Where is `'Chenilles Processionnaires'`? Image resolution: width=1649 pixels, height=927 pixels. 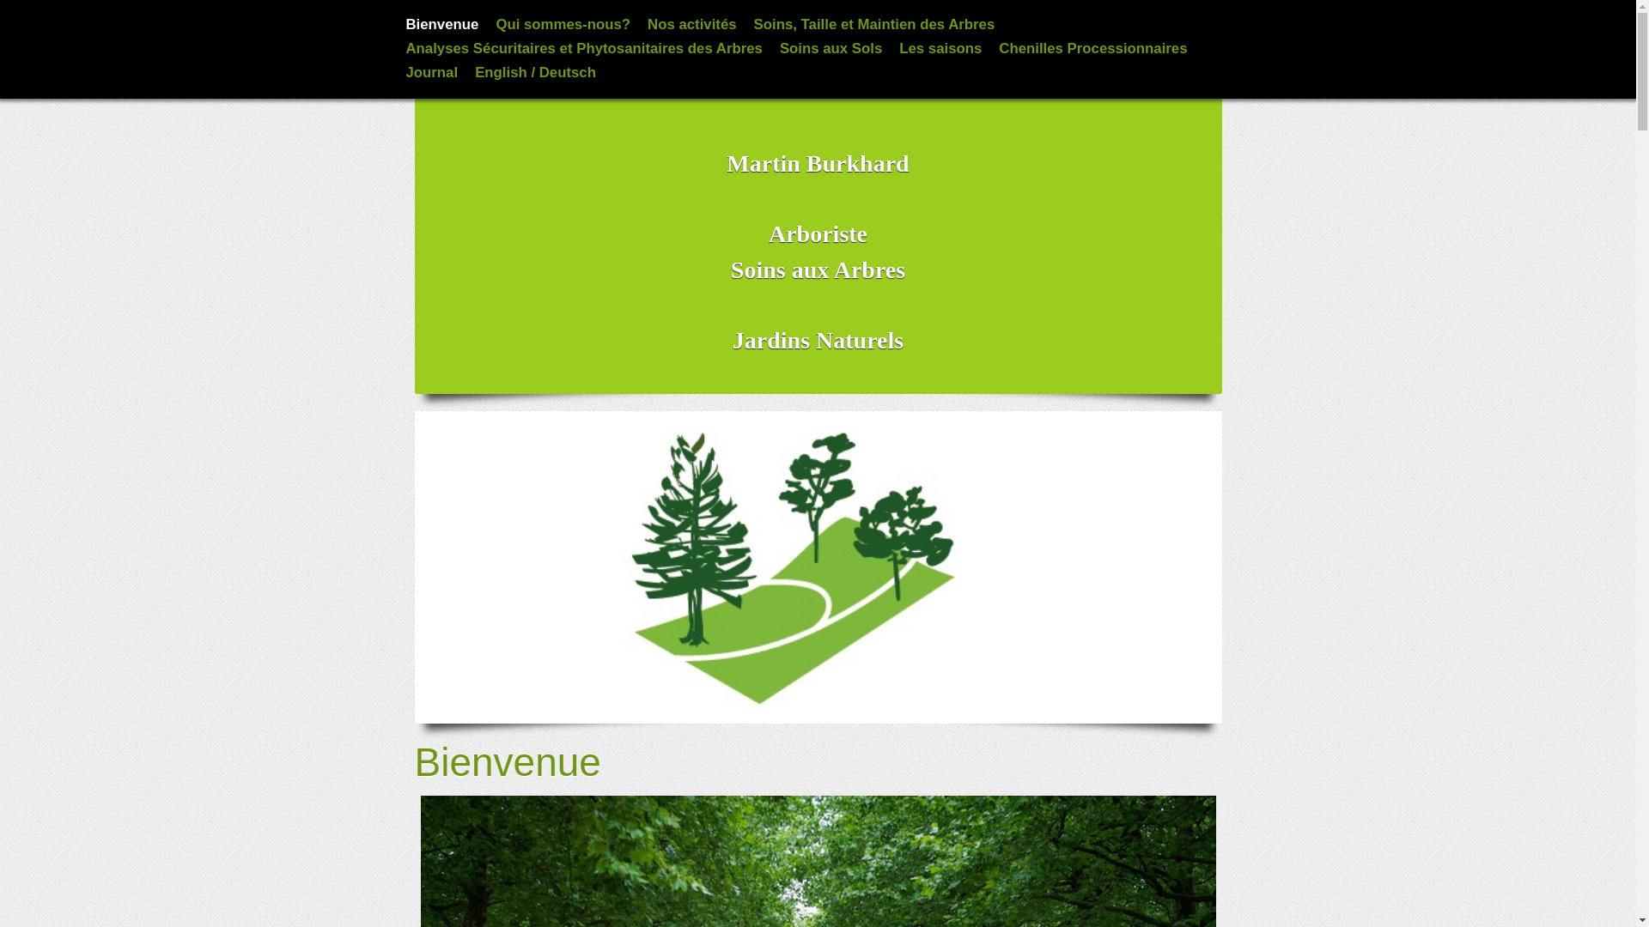
'Chenilles Processionnaires' is located at coordinates (1092, 47).